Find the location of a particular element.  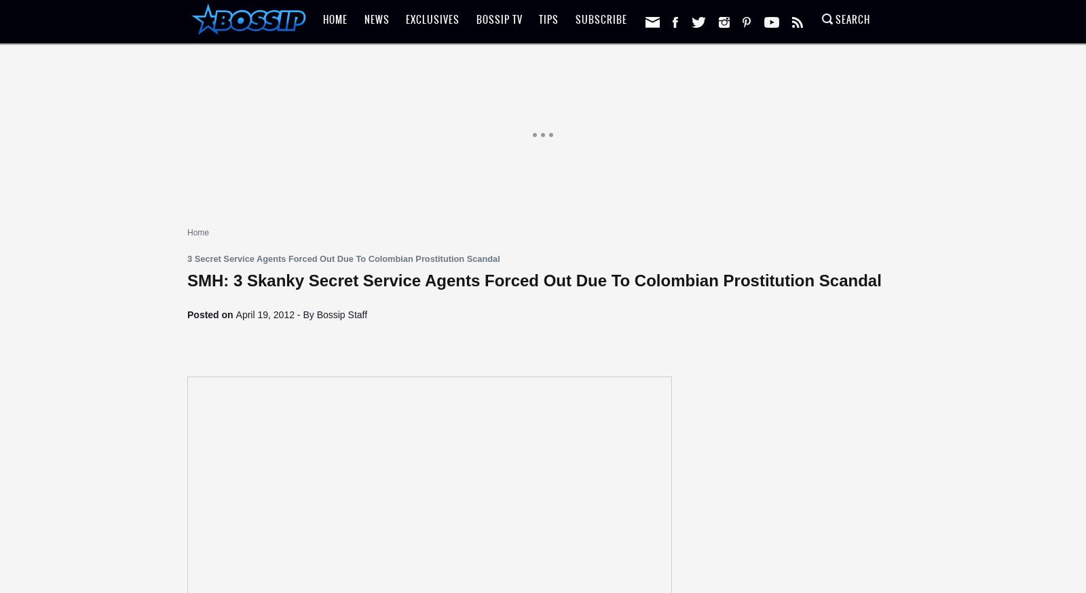

'3 Secret Service Agents Forced Out Due To Colombian Prostitution Scandal' is located at coordinates (343, 259).